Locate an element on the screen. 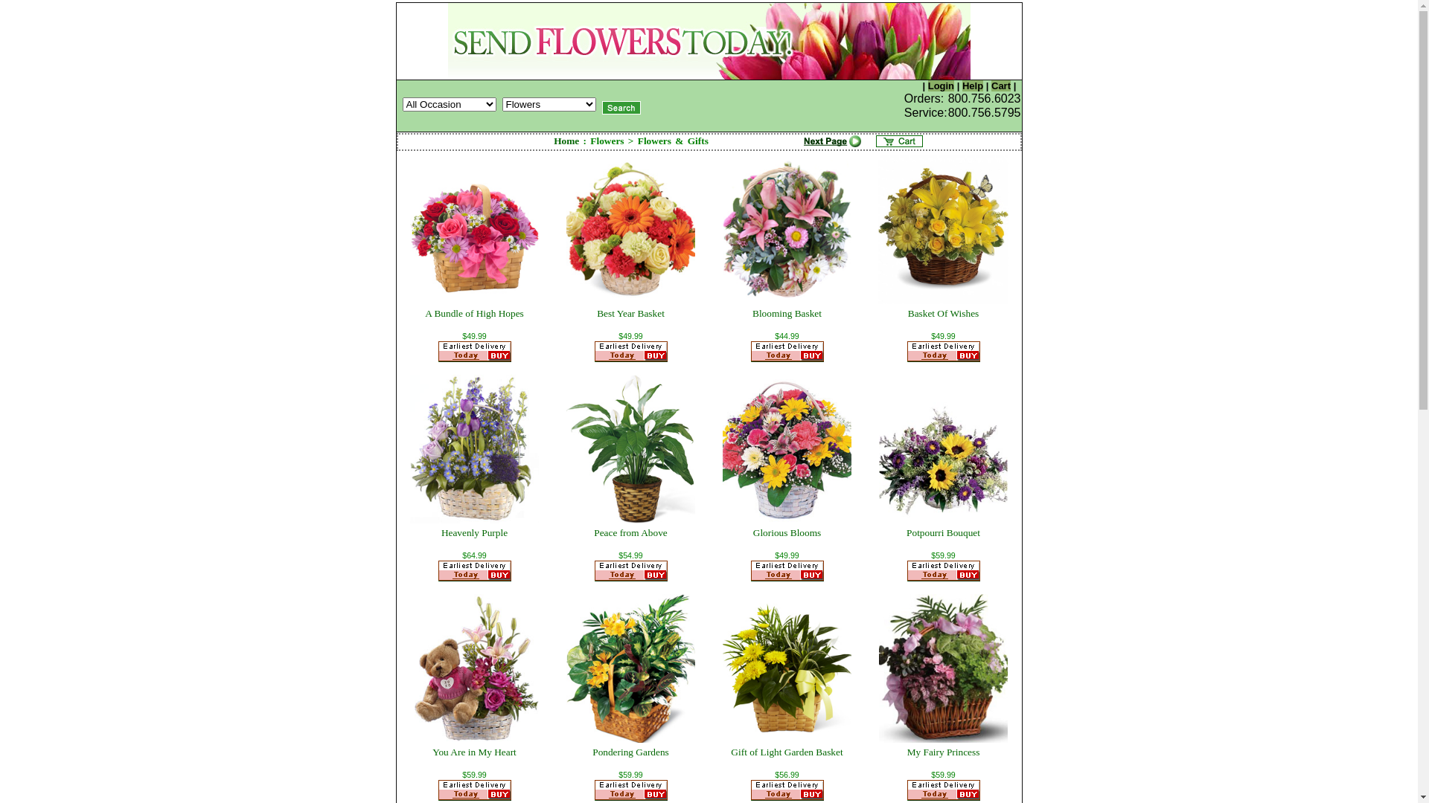 This screenshot has width=1429, height=803. 'You Are in My Heart' is located at coordinates (473, 752).